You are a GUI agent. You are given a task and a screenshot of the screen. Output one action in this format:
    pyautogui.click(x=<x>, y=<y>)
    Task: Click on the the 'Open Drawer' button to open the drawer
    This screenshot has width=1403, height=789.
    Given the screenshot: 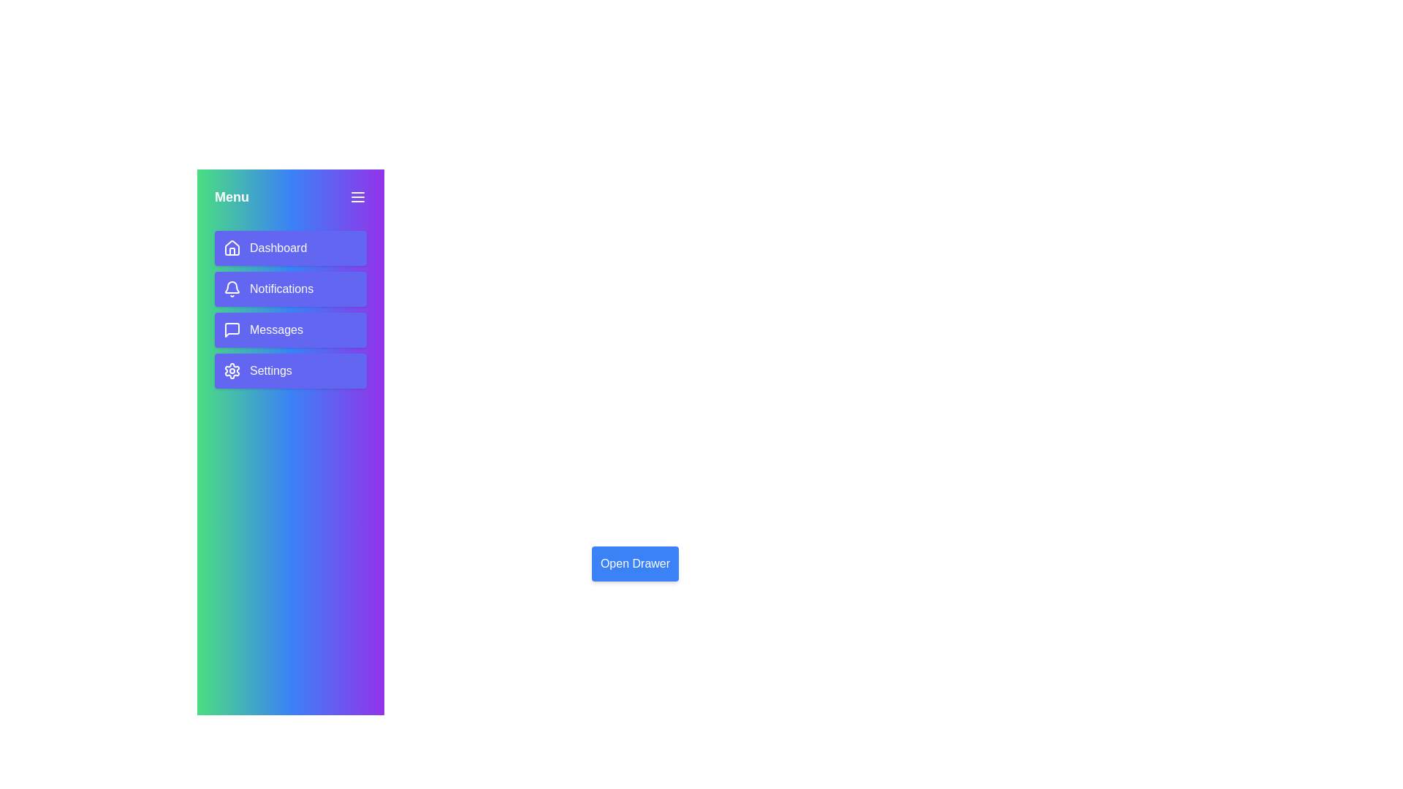 What is the action you would take?
    pyautogui.click(x=635, y=563)
    